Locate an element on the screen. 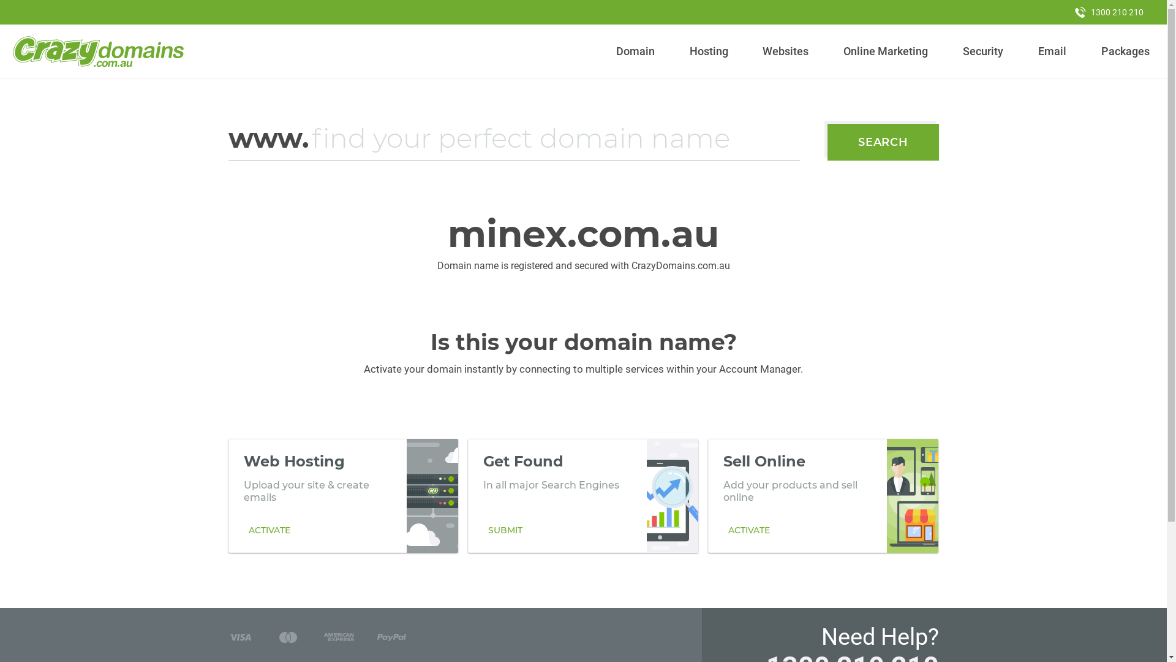 The image size is (1176, 662). 'Get Found is located at coordinates (582, 495).